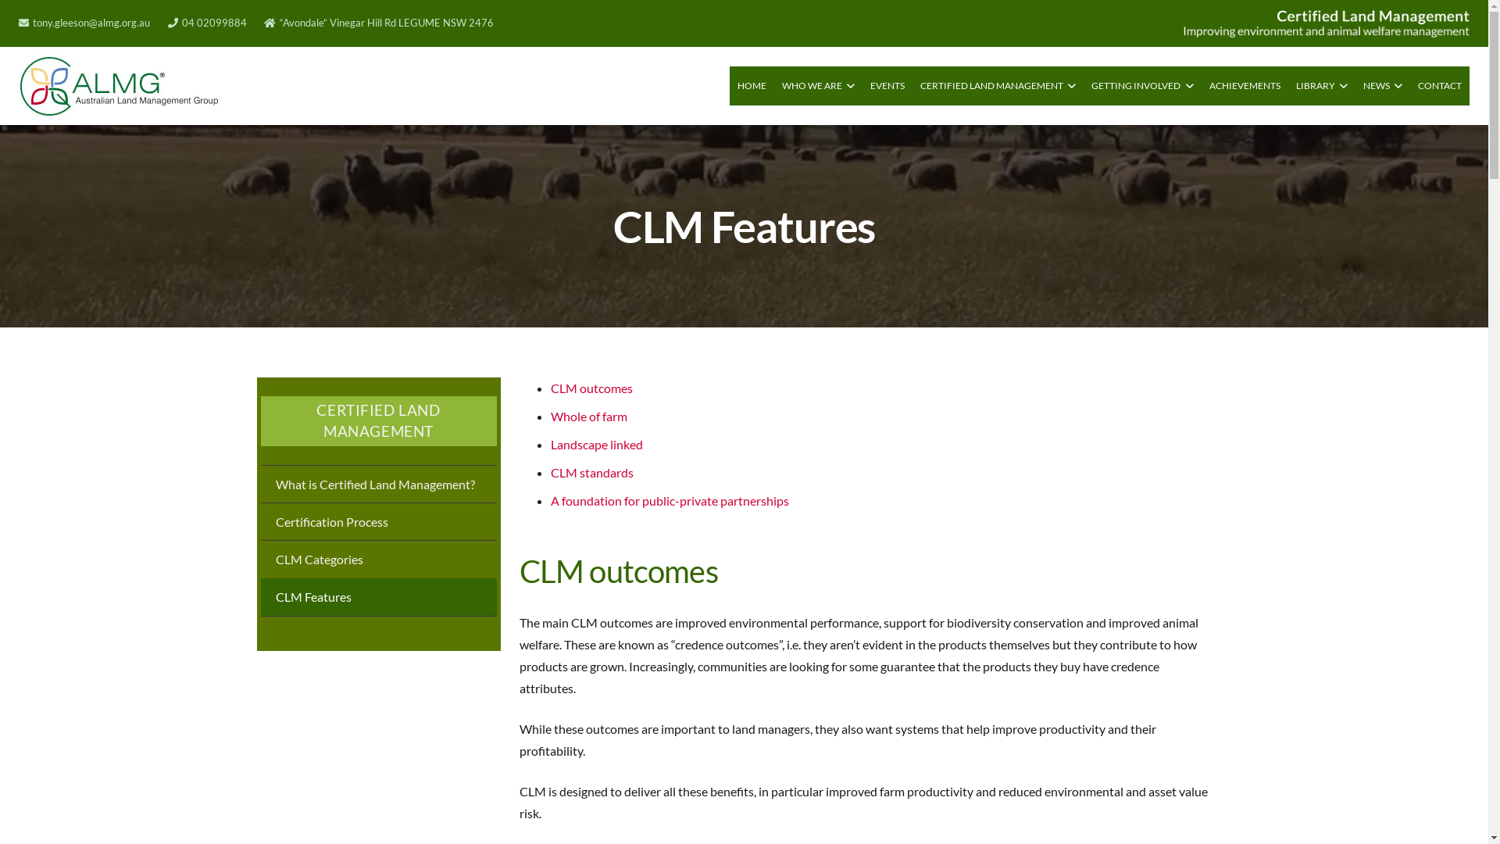  Describe the element at coordinates (550, 415) in the screenshot. I see `'Whole of farm'` at that location.